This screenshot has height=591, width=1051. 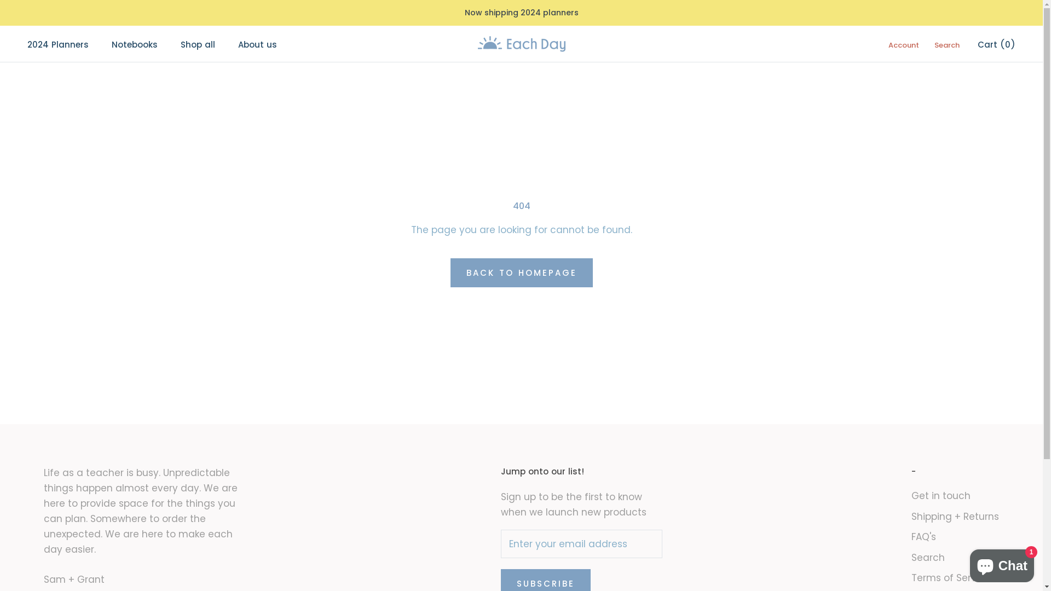 I want to click on 'Shop all, so click(x=198, y=44).